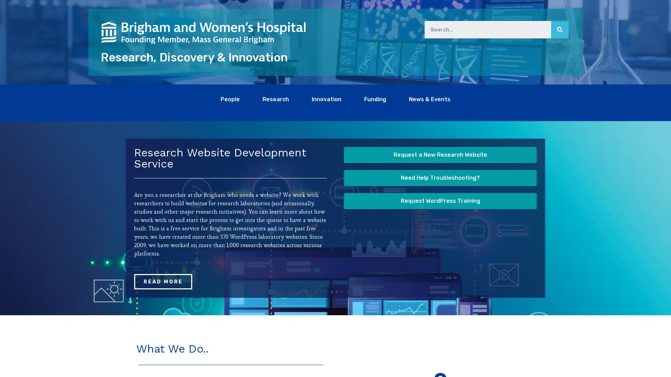 This screenshot has width=671, height=377. I want to click on Request a New Research Website, so click(440, 154).